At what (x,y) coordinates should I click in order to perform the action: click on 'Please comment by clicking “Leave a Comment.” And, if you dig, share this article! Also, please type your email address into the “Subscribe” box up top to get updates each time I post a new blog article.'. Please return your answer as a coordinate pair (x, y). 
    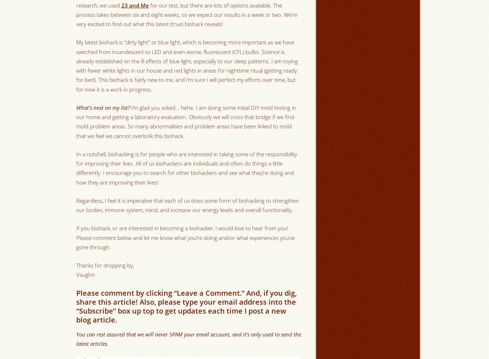
    Looking at the image, I should click on (186, 306).